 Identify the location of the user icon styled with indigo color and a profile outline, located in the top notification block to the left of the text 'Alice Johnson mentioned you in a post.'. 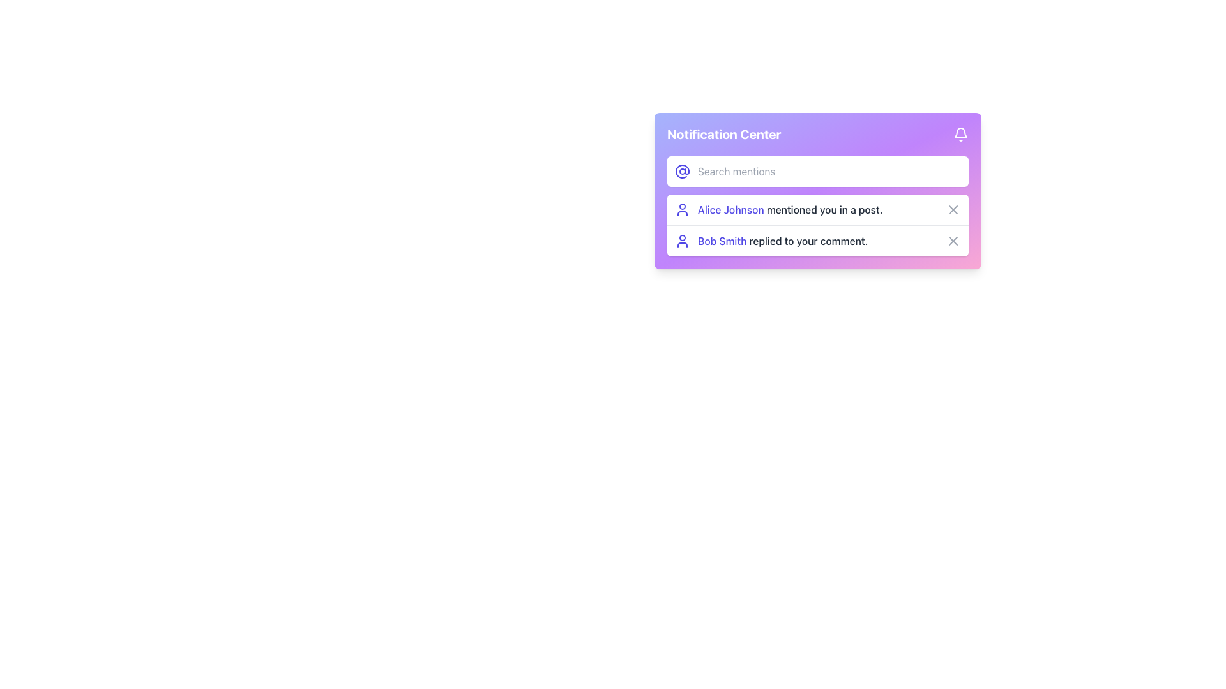
(682, 209).